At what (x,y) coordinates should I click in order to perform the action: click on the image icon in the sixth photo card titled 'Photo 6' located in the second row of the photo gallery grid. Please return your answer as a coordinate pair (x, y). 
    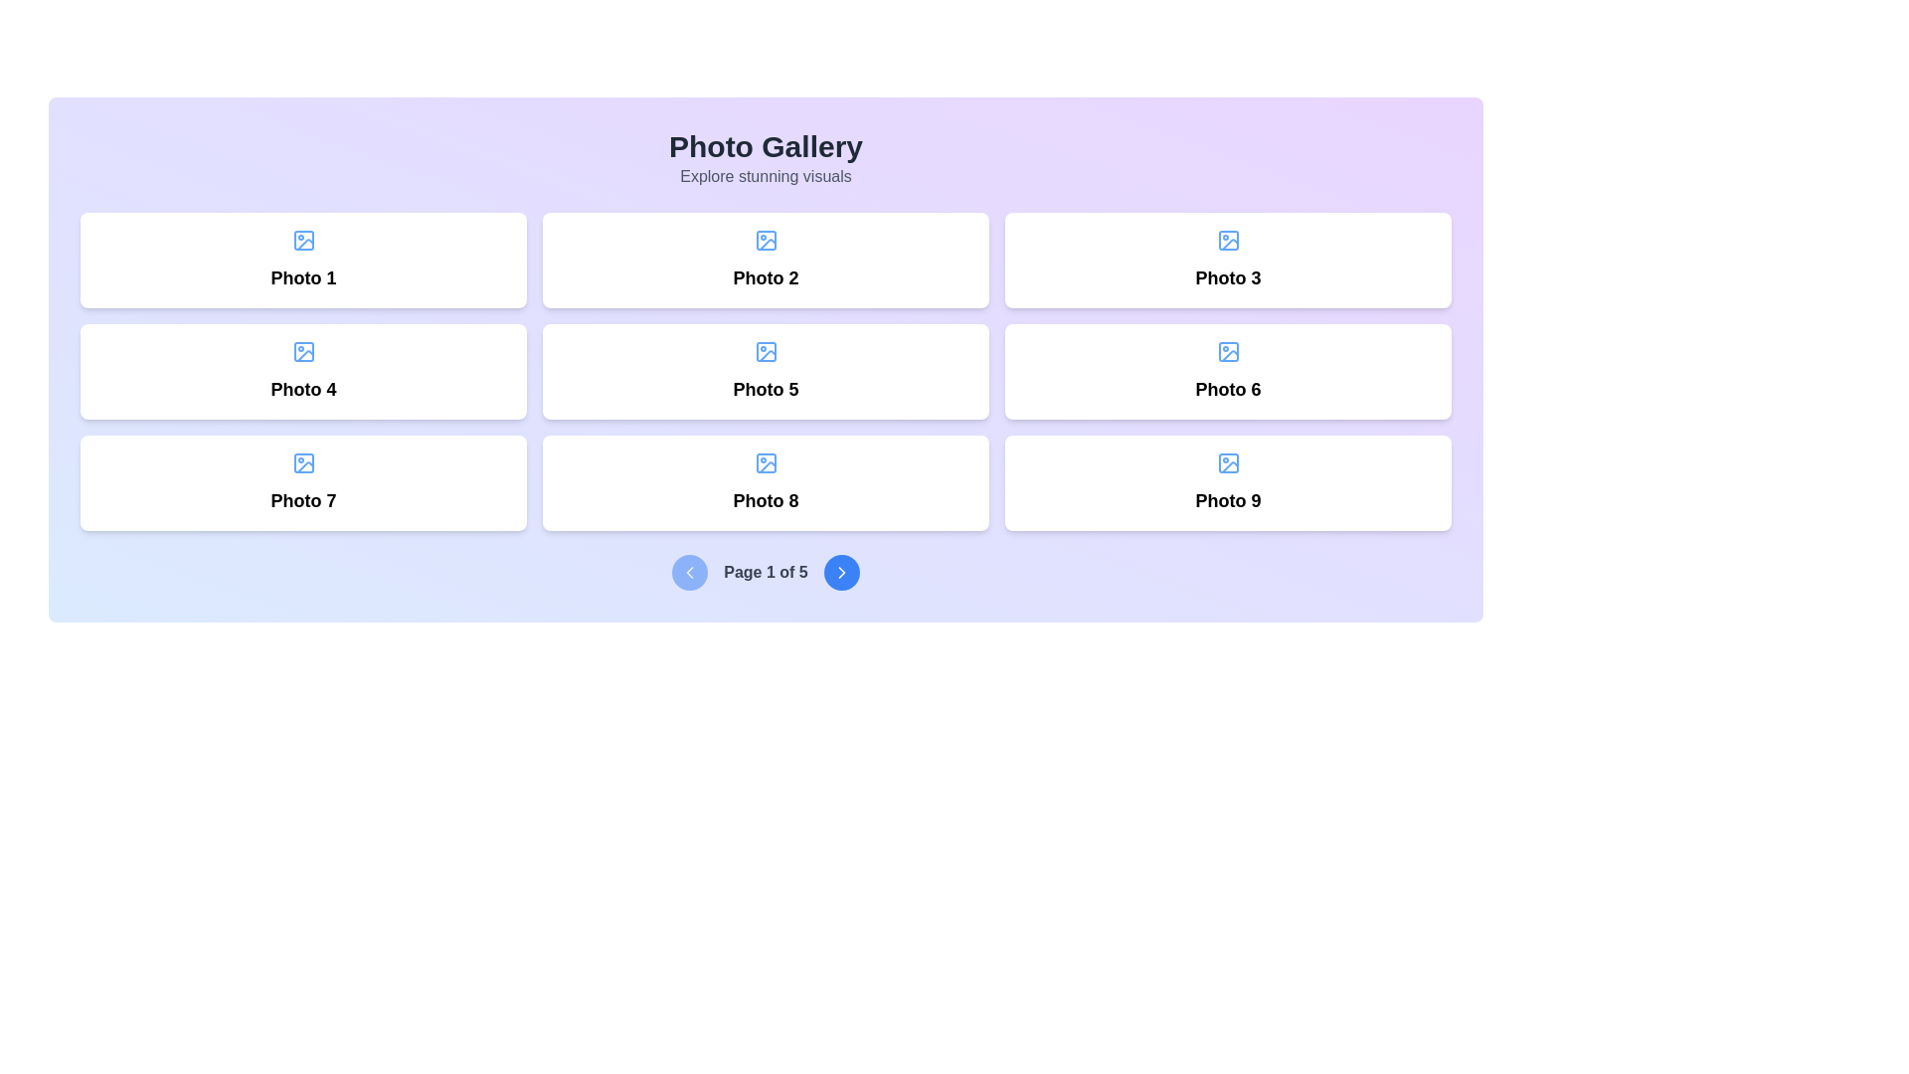
    Looking at the image, I should click on (1227, 351).